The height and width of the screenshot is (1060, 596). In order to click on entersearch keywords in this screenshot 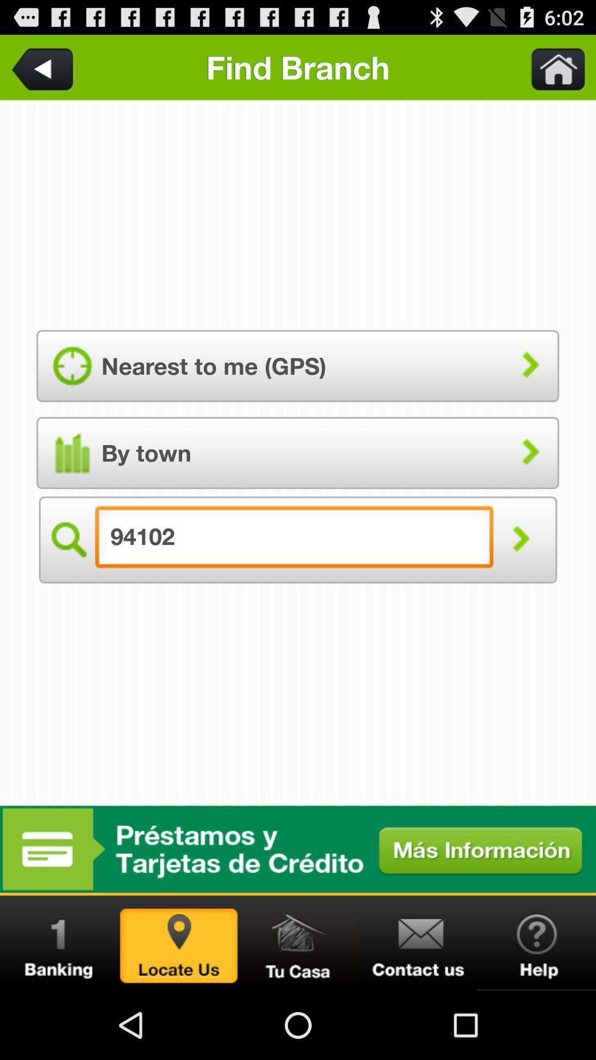, I will do `click(551, 67)`.